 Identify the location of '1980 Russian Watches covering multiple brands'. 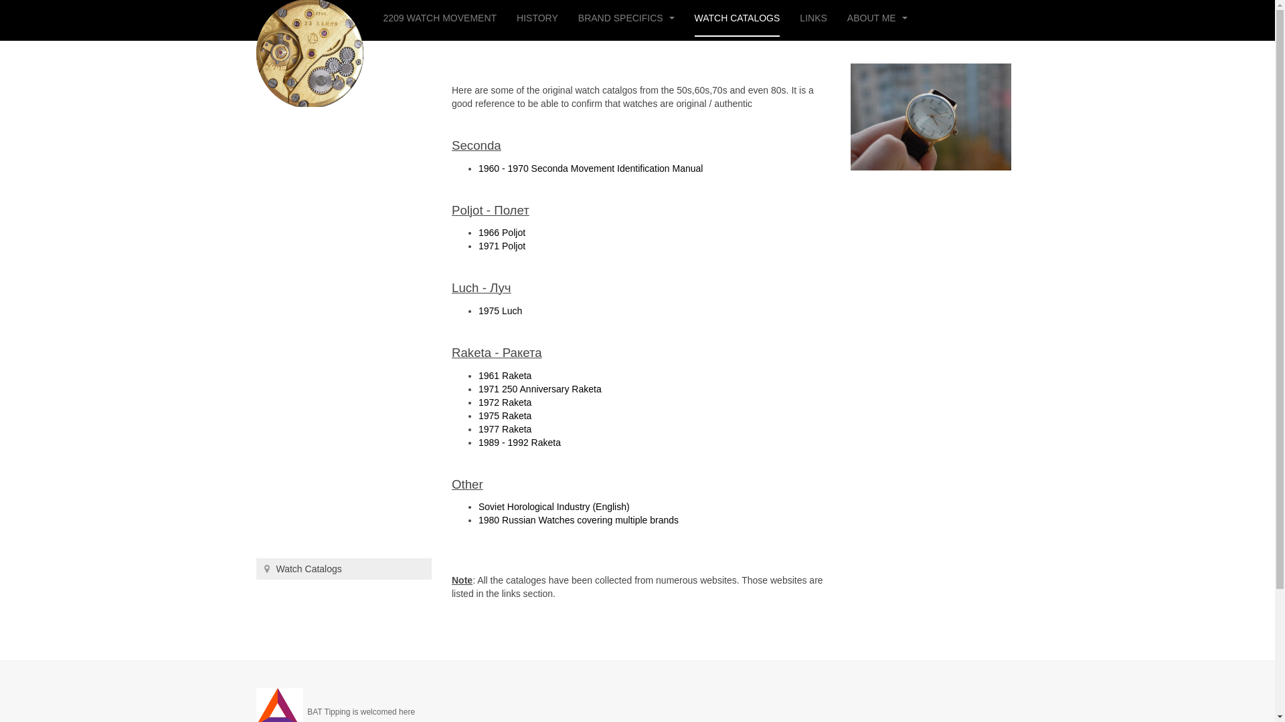
(578, 519).